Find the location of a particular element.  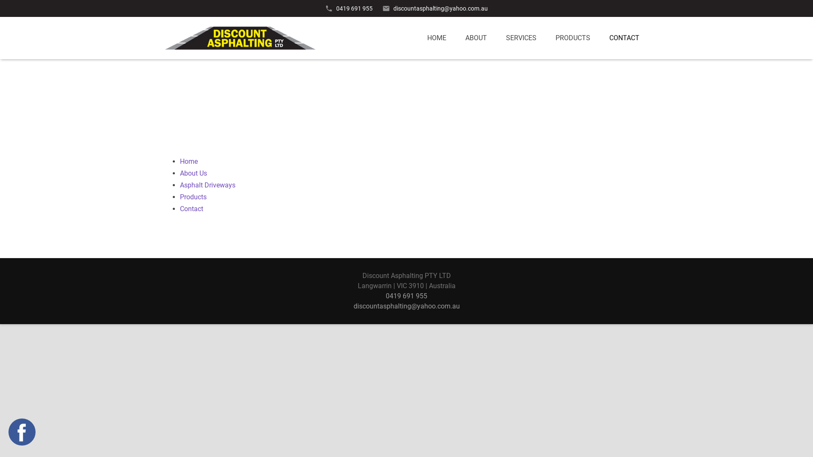

'Products' is located at coordinates (193, 197).